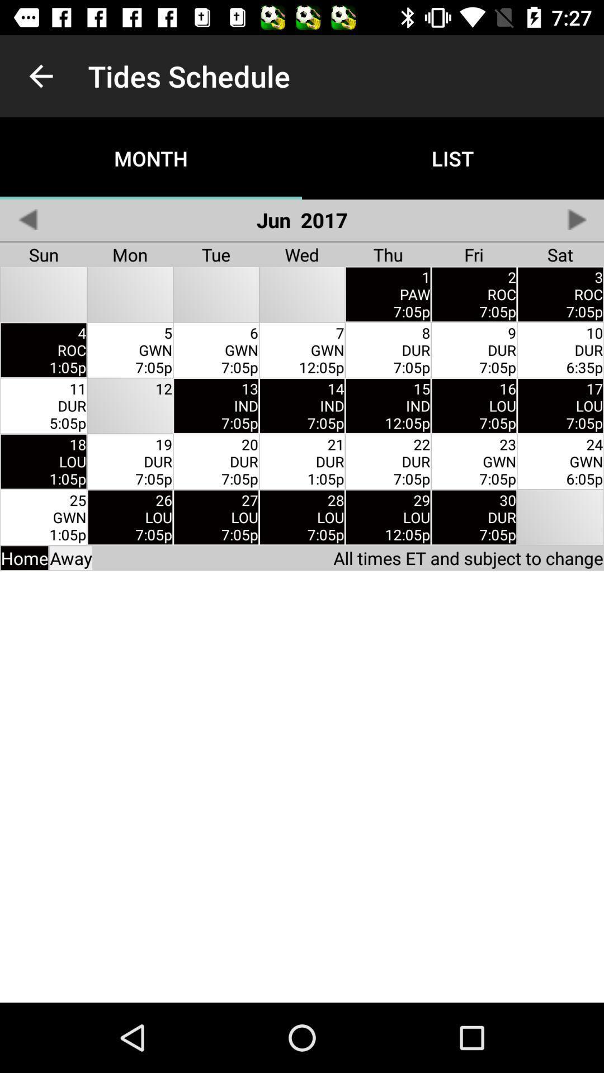 This screenshot has height=1073, width=604. What do you see at coordinates (576, 219) in the screenshot?
I see `switch to next month` at bounding box center [576, 219].